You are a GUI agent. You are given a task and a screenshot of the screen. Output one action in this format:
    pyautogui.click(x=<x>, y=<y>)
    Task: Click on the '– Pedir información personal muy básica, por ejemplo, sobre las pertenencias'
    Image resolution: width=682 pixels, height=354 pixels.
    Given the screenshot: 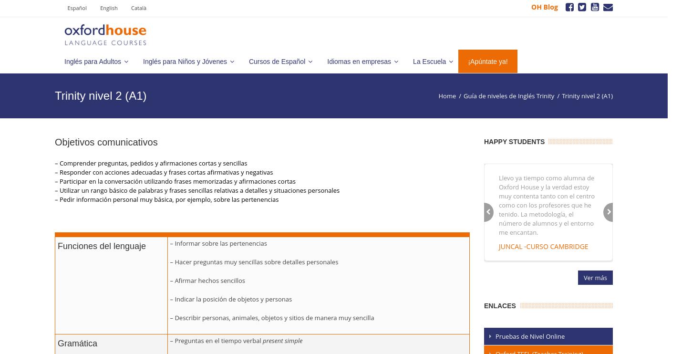 What is the action you would take?
    pyautogui.click(x=166, y=199)
    